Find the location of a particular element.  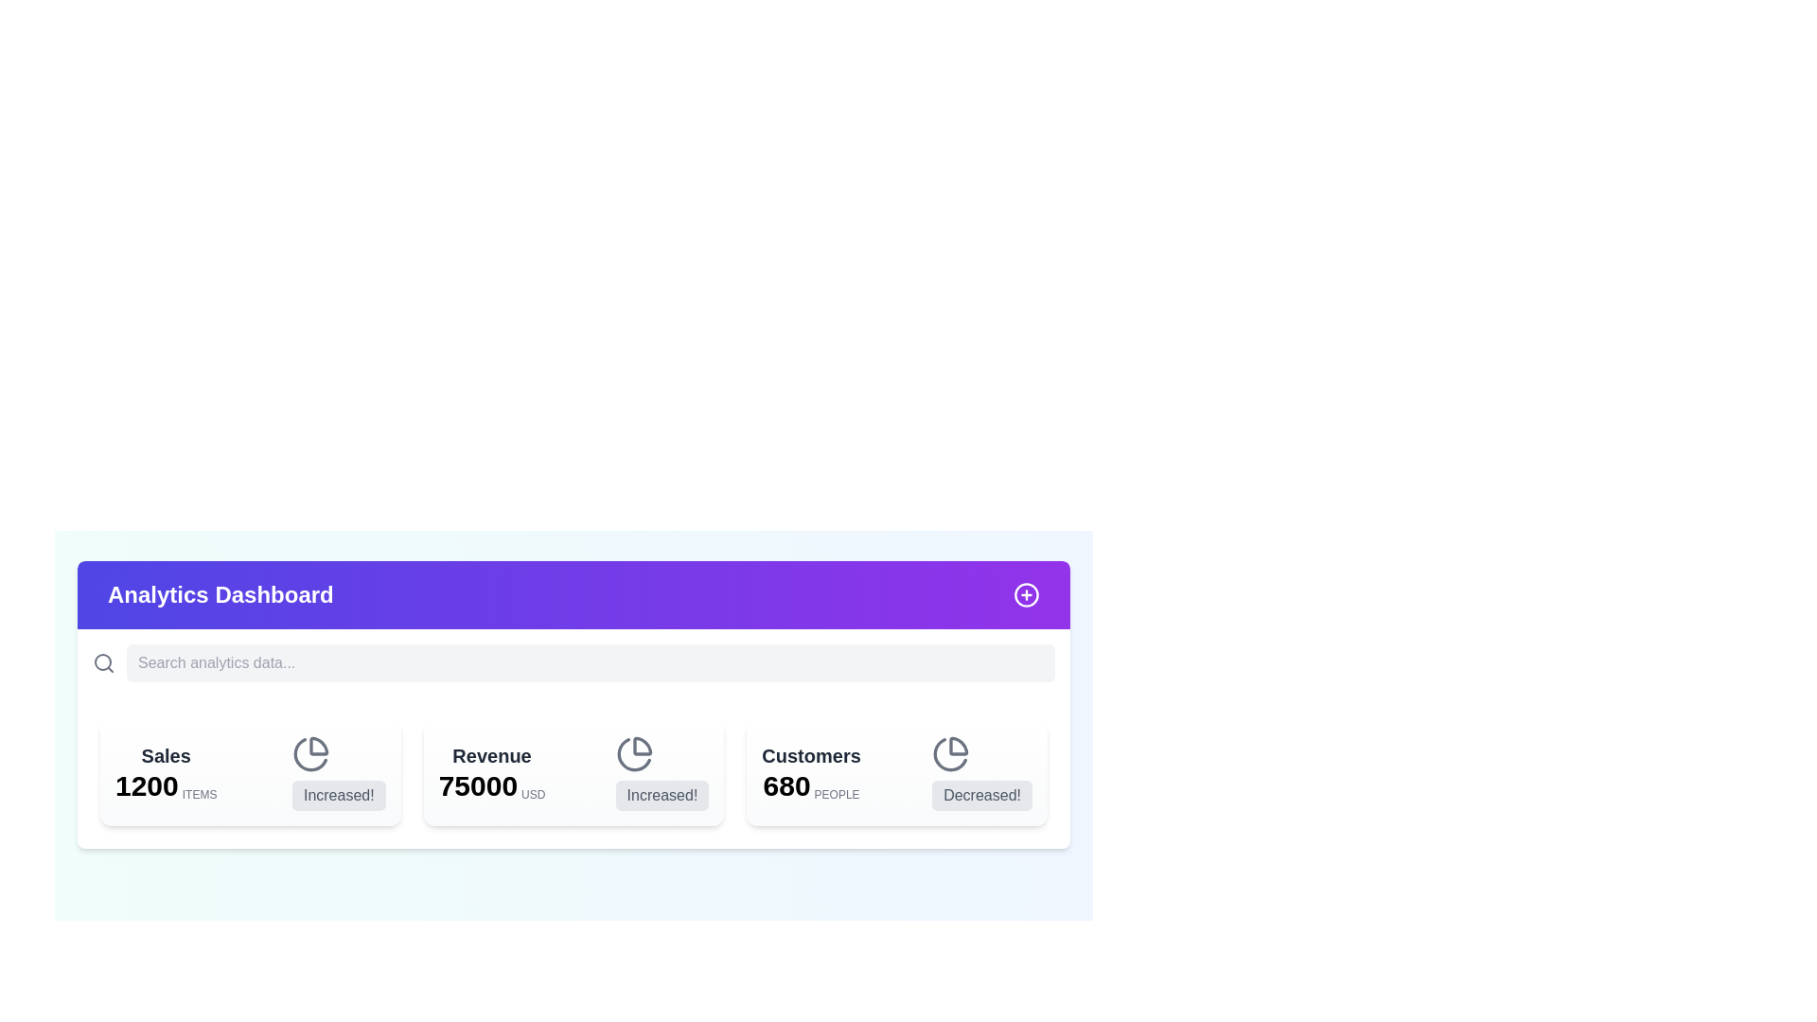

the circular SVG element of the decorative search icon, which is part of the larger magnifying glass icon in the upper left corner of the Analytics Dashboard interface is located at coordinates (102, 661).